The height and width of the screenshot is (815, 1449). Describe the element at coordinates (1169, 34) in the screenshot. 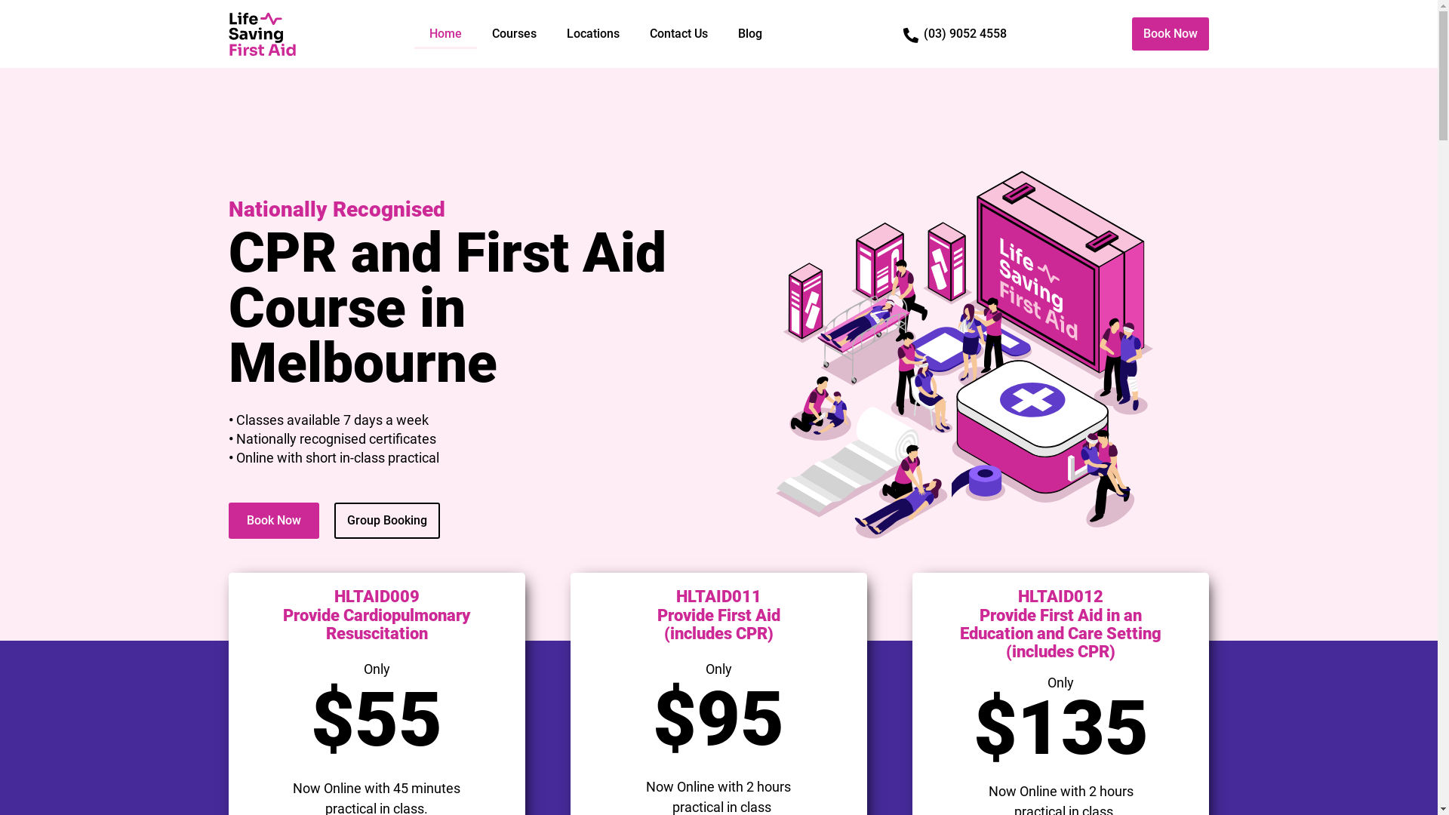

I see `'Book Now'` at that location.